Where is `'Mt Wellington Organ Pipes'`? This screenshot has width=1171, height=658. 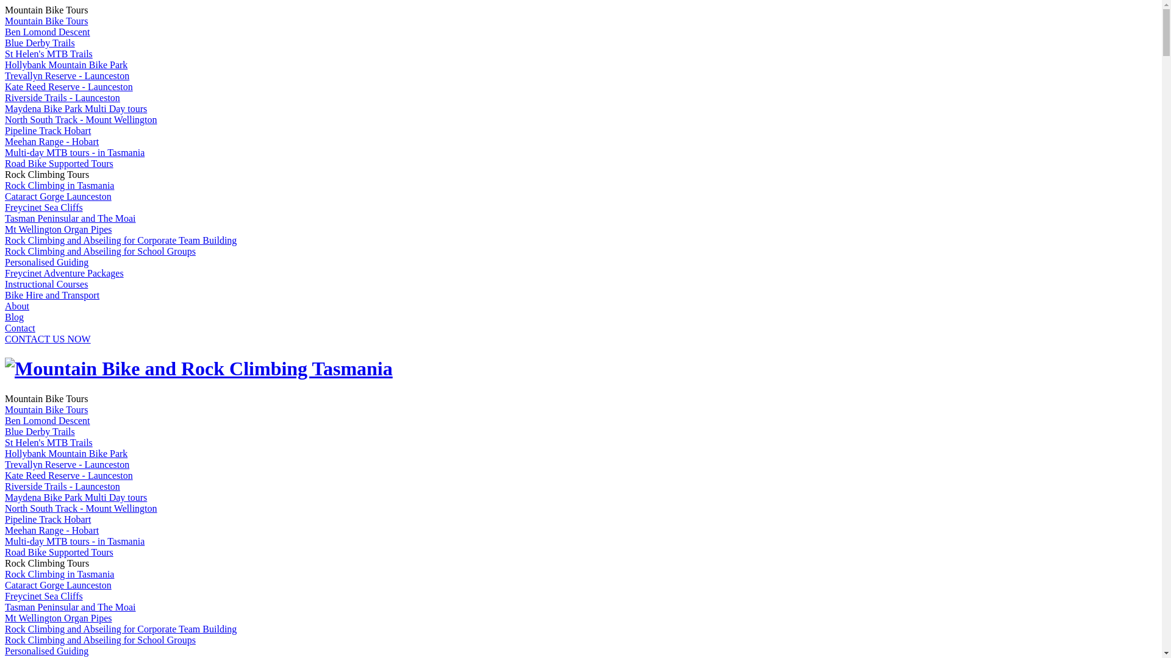 'Mt Wellington Organ Pipes' is located at coordinates (57, 229).